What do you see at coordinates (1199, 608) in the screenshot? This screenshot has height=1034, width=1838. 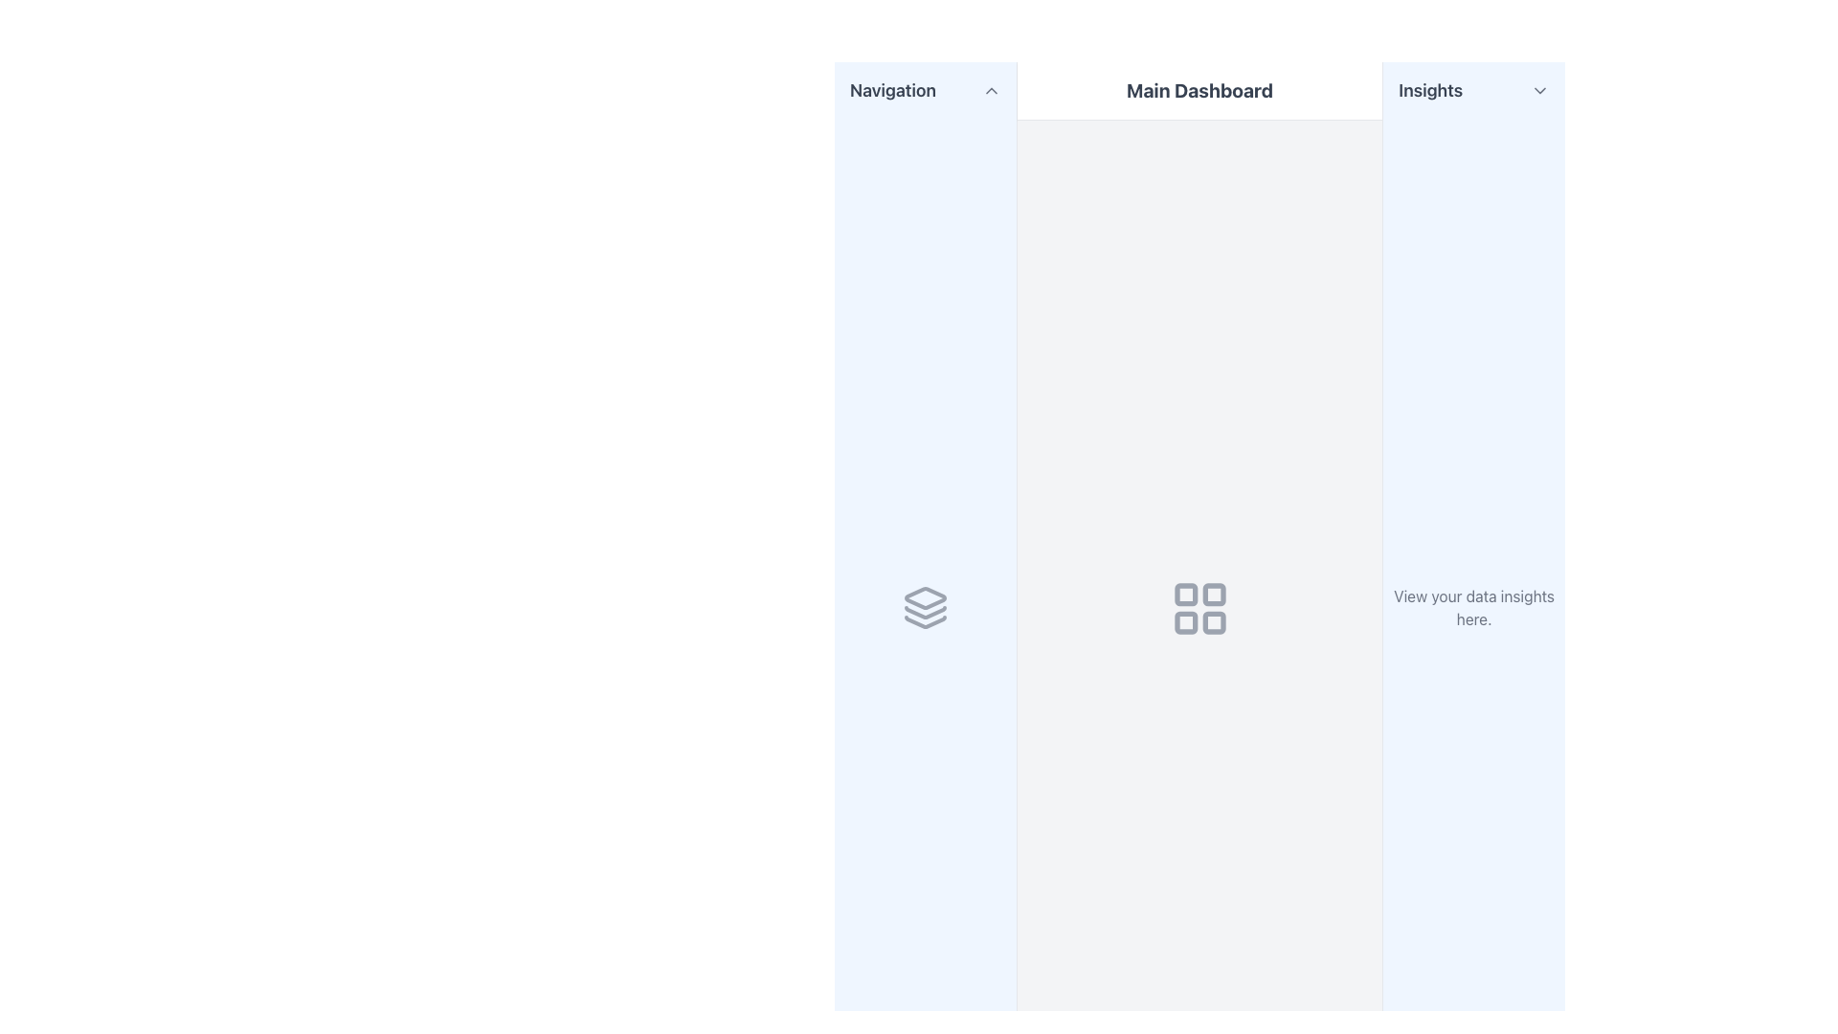 I see `the grid-like icon consisting of four evenly spaced squares arranged in a 2x2 configuration, outlined in gray, located centrally within the main content area` at bounding box center [1199, 608].